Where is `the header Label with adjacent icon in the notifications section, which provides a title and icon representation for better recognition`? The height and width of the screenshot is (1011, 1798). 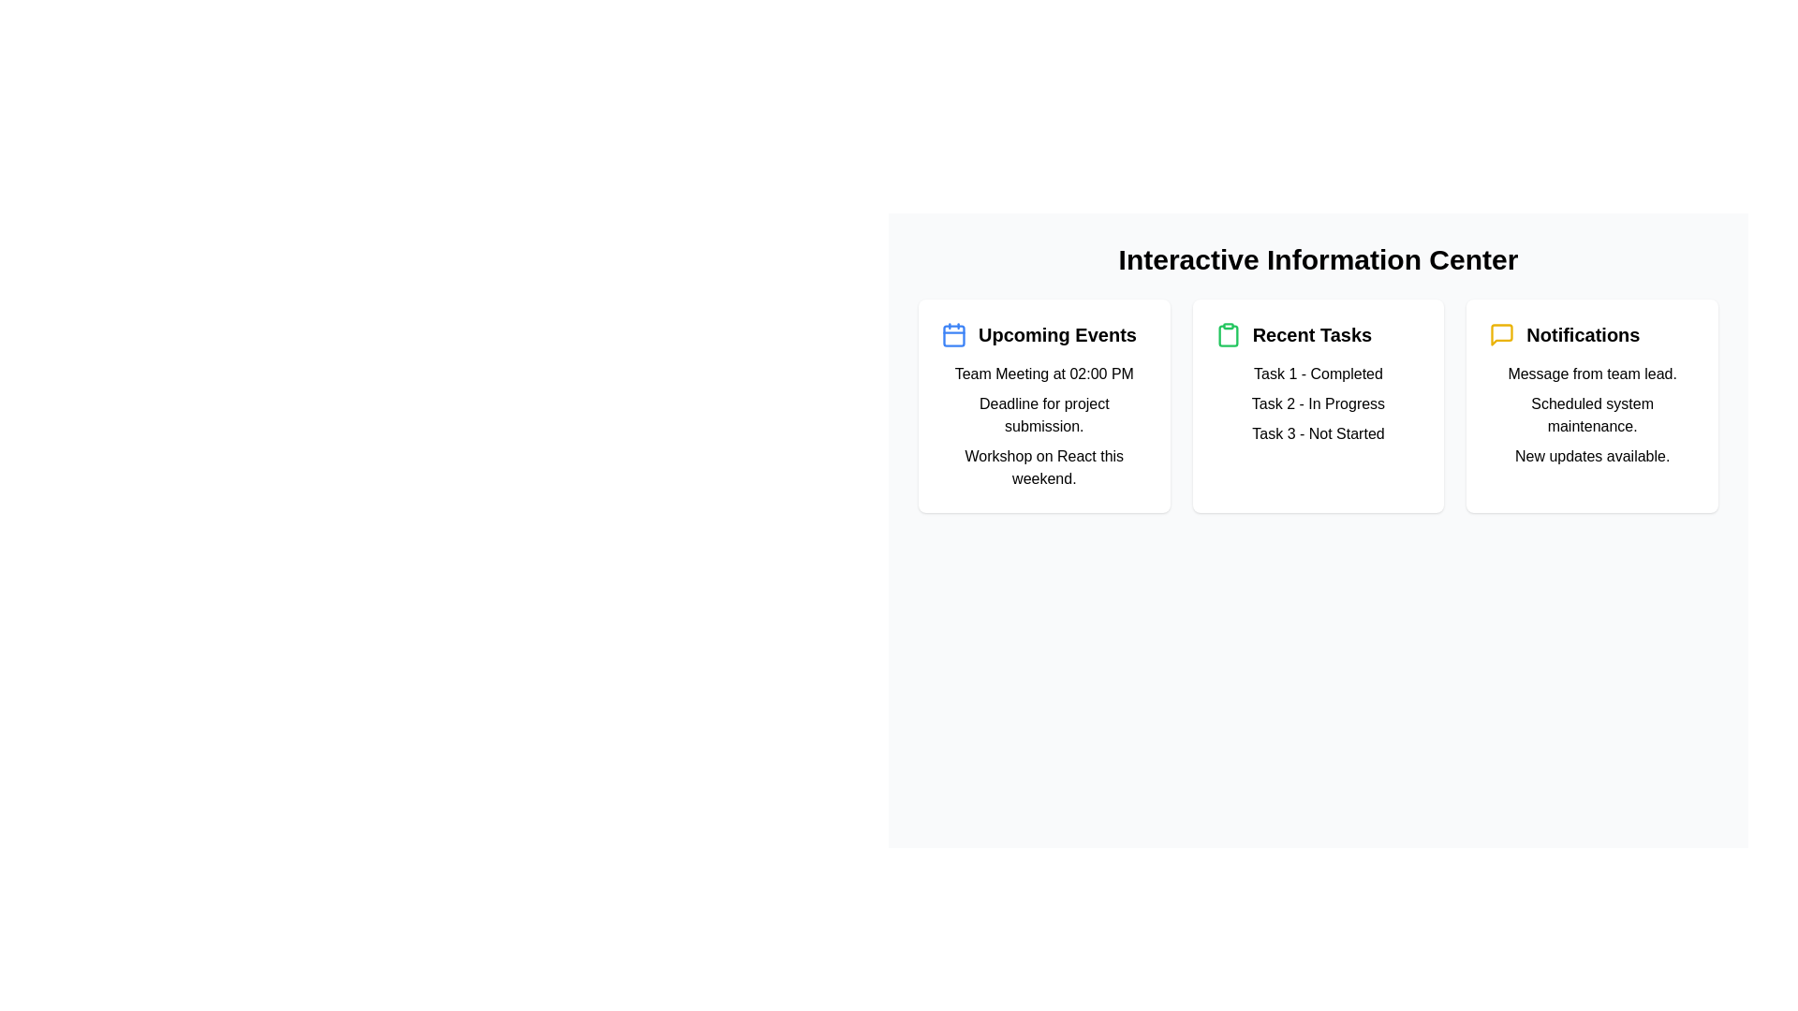 the header Label with adjacent icon in the notifications section, which provides a title and icon representation for better recognition is located at coordinates (1591, 334).